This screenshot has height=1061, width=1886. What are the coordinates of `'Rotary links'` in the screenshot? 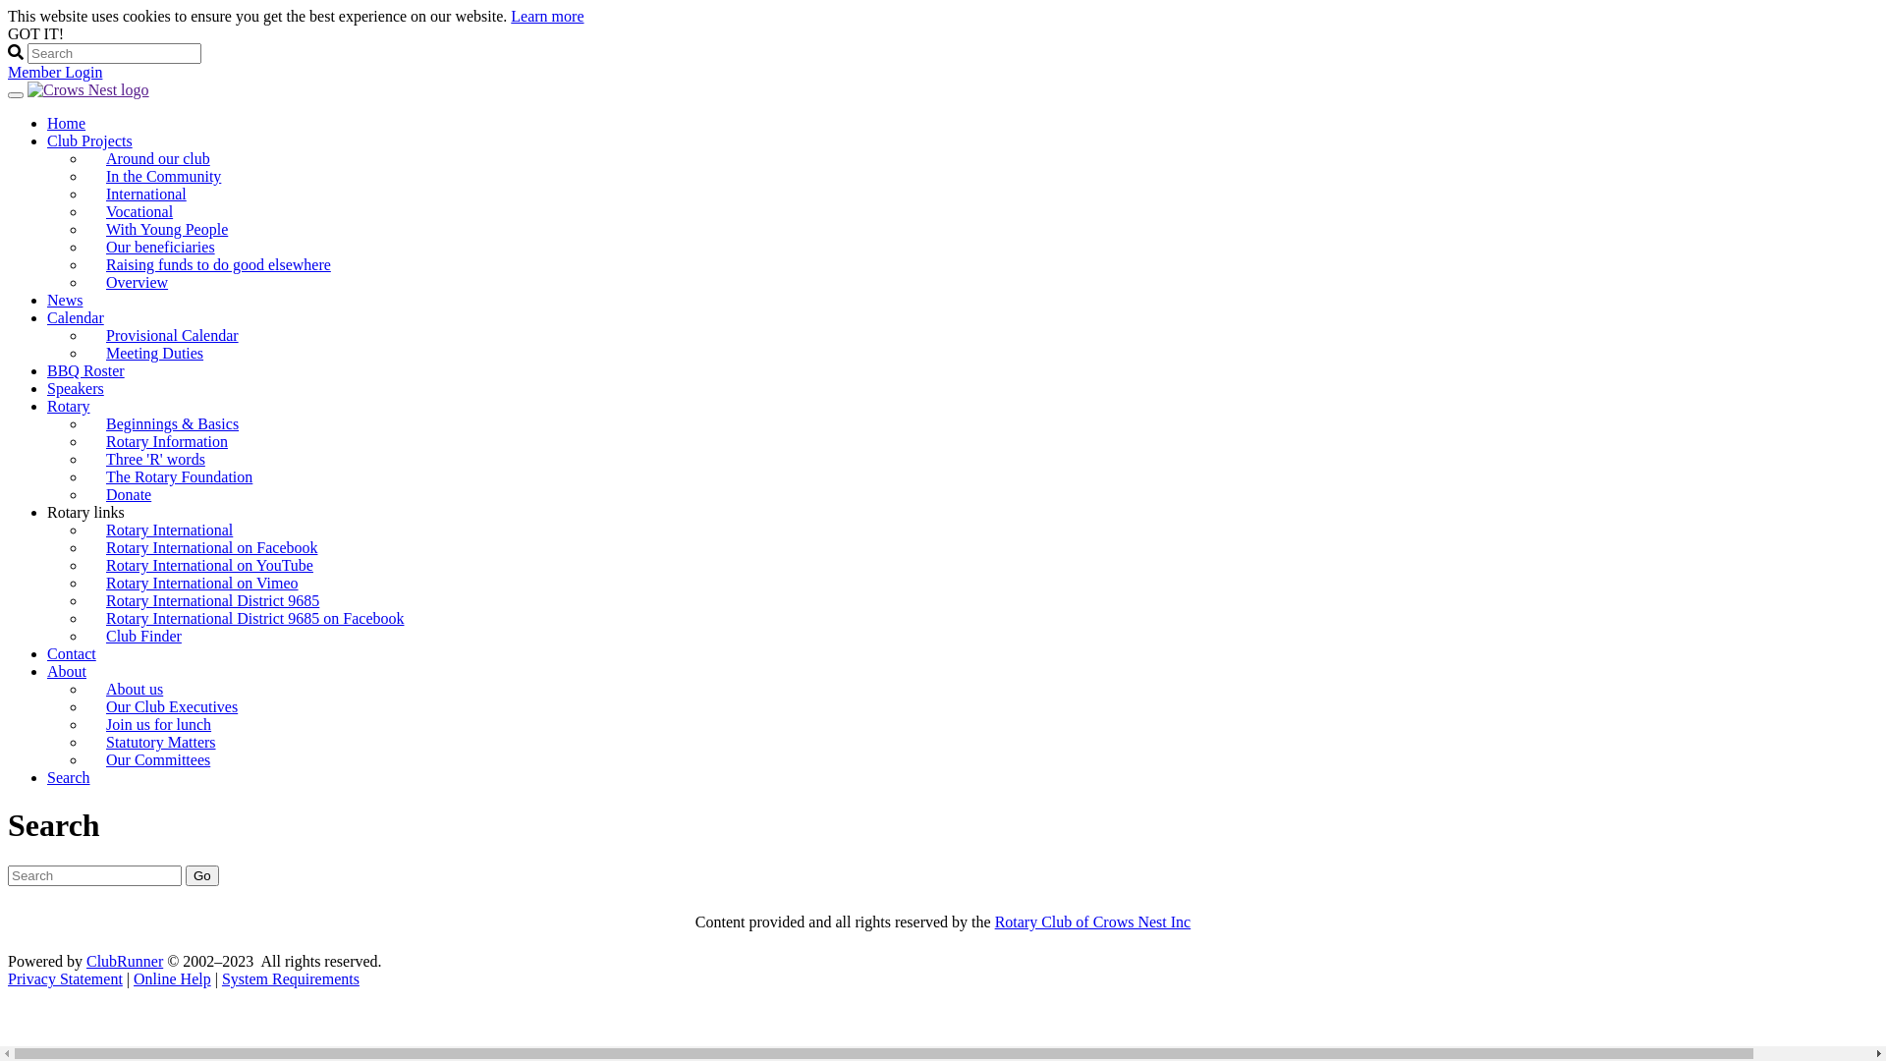 It's located at (84, 511).